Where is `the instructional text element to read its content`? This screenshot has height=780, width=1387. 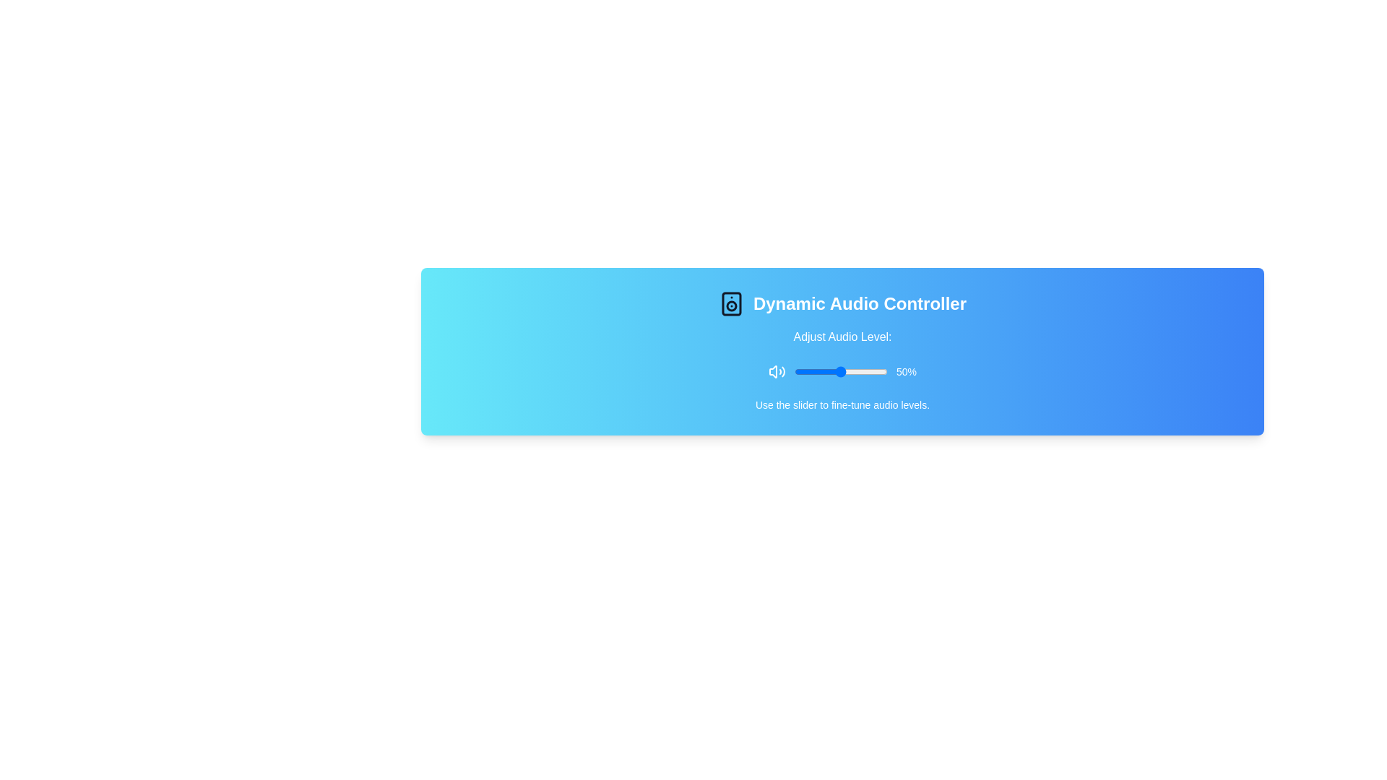 the instructional text element to read its content is located at coordinates (842, 404).